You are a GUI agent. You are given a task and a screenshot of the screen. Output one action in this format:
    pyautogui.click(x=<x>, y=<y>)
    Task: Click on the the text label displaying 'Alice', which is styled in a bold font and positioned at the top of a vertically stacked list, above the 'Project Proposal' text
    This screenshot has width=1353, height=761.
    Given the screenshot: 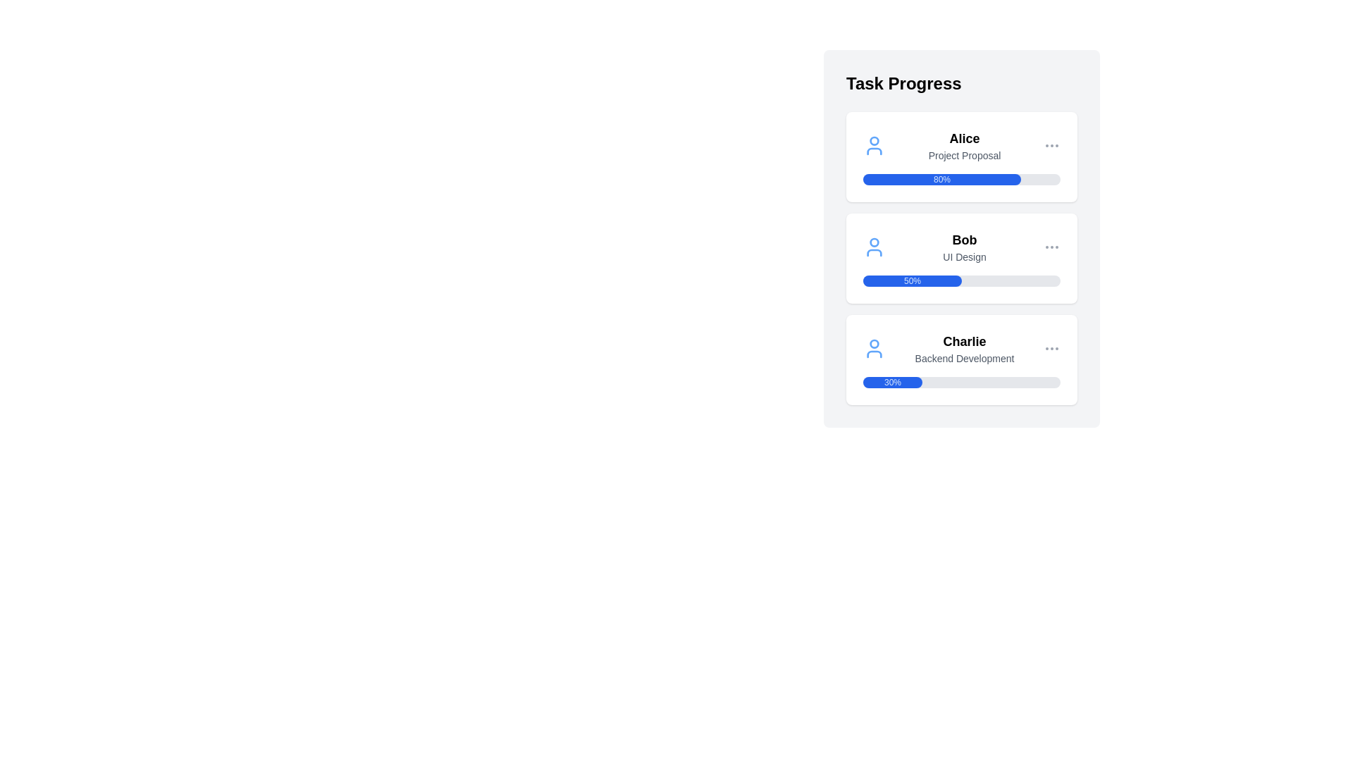 What is the action you would take?
    pyautogui.click(x=963, y=138)
    